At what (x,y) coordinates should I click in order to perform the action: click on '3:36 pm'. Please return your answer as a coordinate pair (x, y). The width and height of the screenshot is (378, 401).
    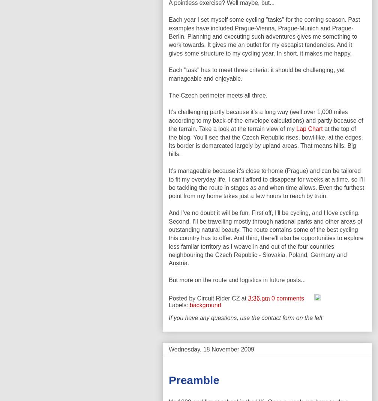
    Looking at the image, I should click on (258, 298).